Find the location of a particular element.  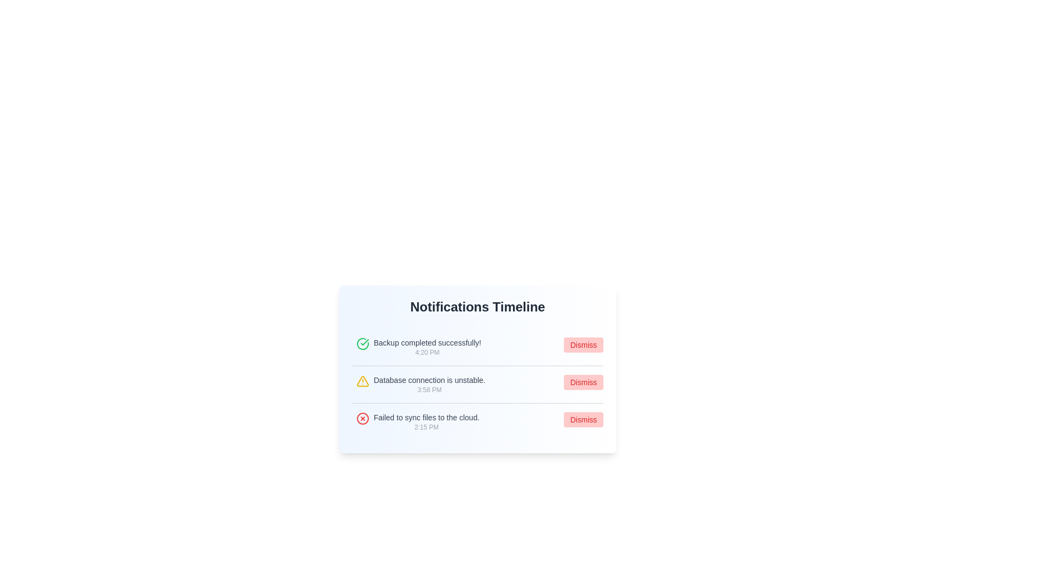

the first notification entry in the Notifications Timeline, indicating a successful backup operation is located at coordinates (416, 347).